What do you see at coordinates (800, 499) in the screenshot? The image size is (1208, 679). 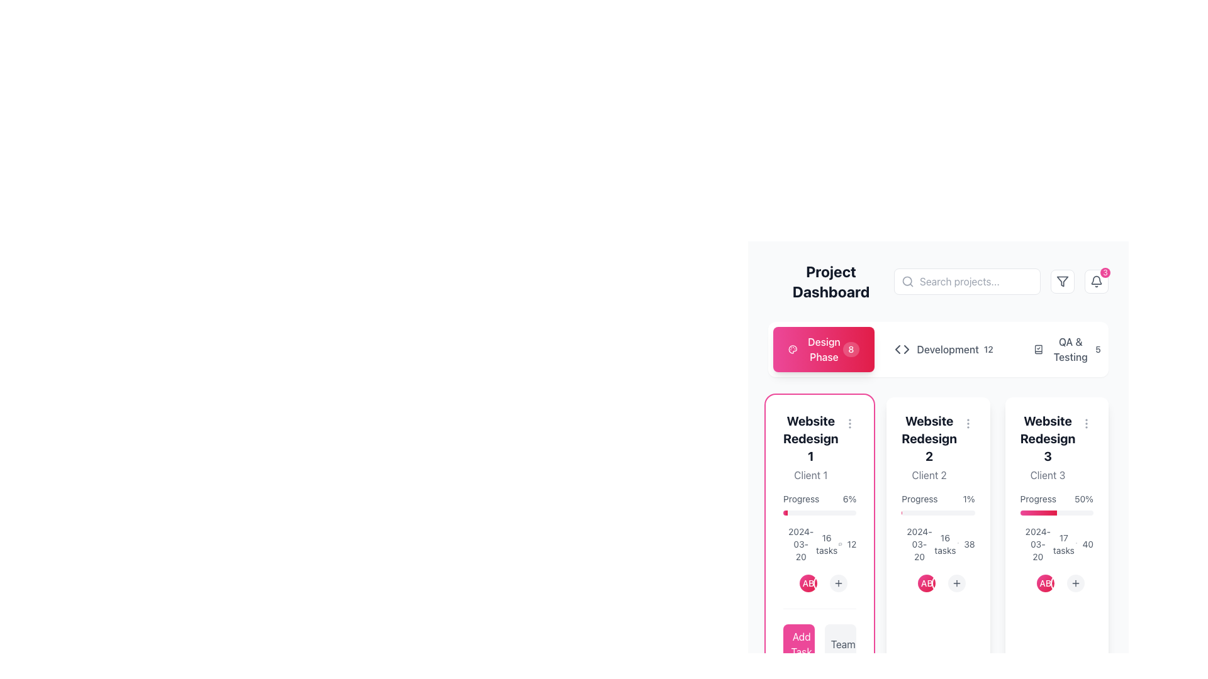 I see `the 'Progress' text label` at bounding box center [800, 499].